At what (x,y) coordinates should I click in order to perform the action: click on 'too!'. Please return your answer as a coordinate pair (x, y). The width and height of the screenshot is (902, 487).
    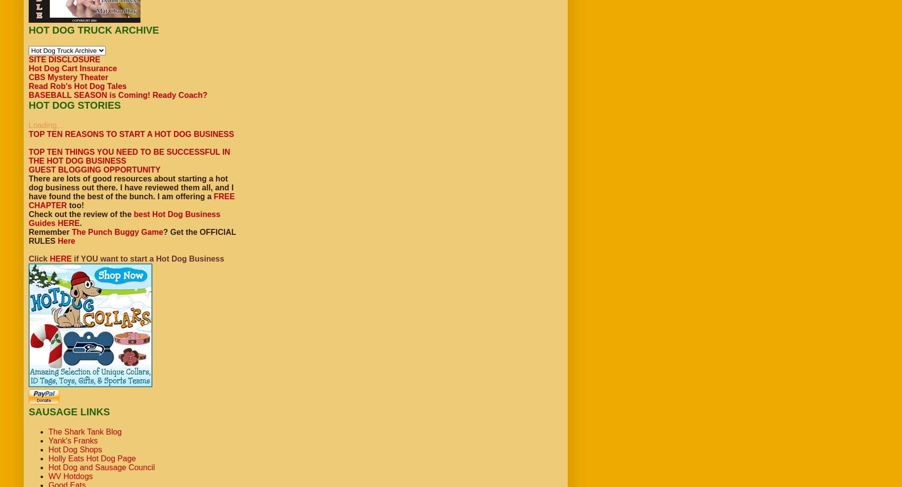
    Looking at the image, I should click on (75, 205).